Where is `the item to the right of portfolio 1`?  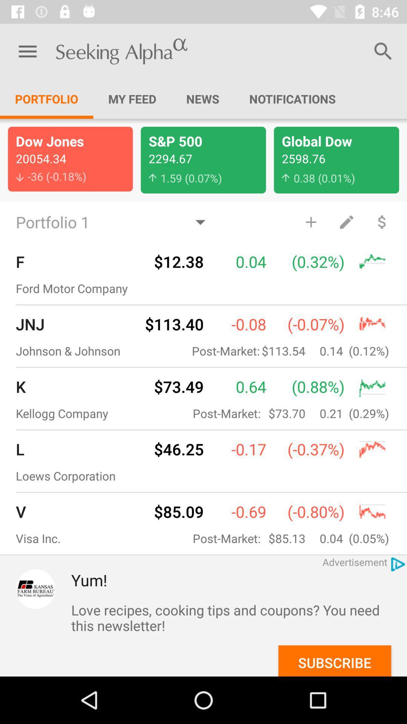
the item to the right of portfolio 1 is located at coordinates (311, 221).